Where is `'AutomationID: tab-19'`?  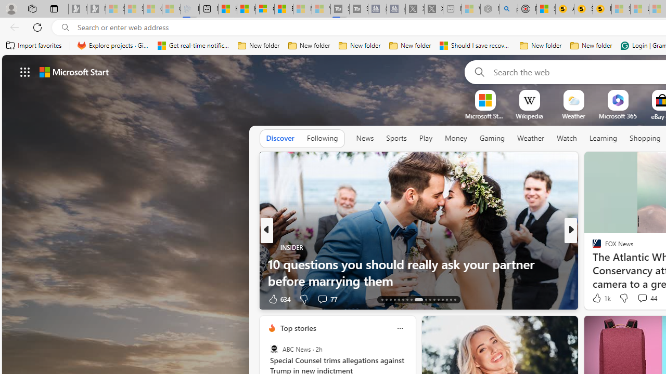 'AutomationID: tab-19' is located at coordinates (406, 300).